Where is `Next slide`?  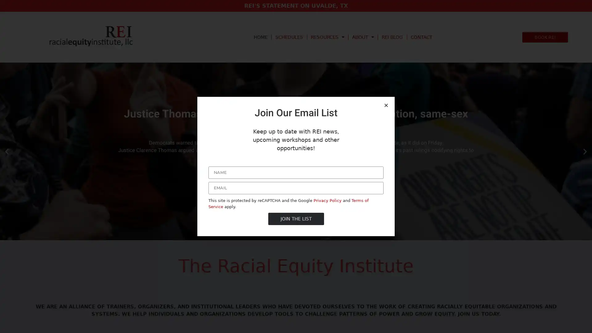 Next slide is located at coordinates (585, 151).